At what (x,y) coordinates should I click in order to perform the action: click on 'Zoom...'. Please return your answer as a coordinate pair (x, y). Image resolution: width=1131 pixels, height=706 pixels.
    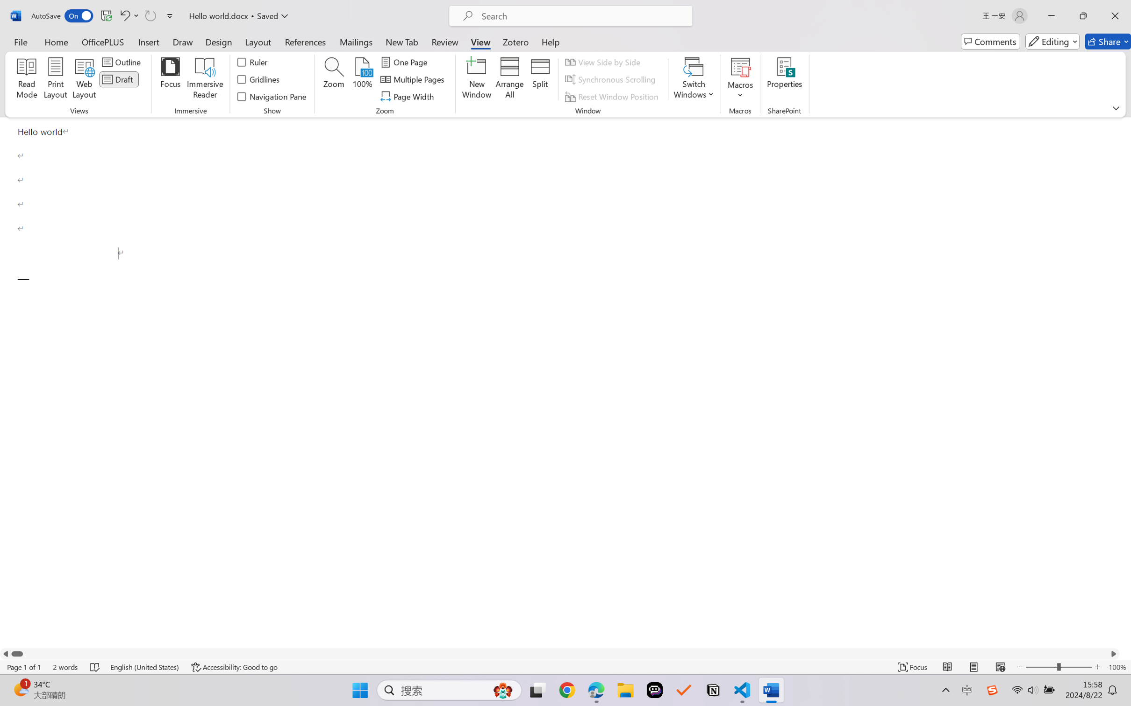
    Looking at the image, I should click on (333, 79).